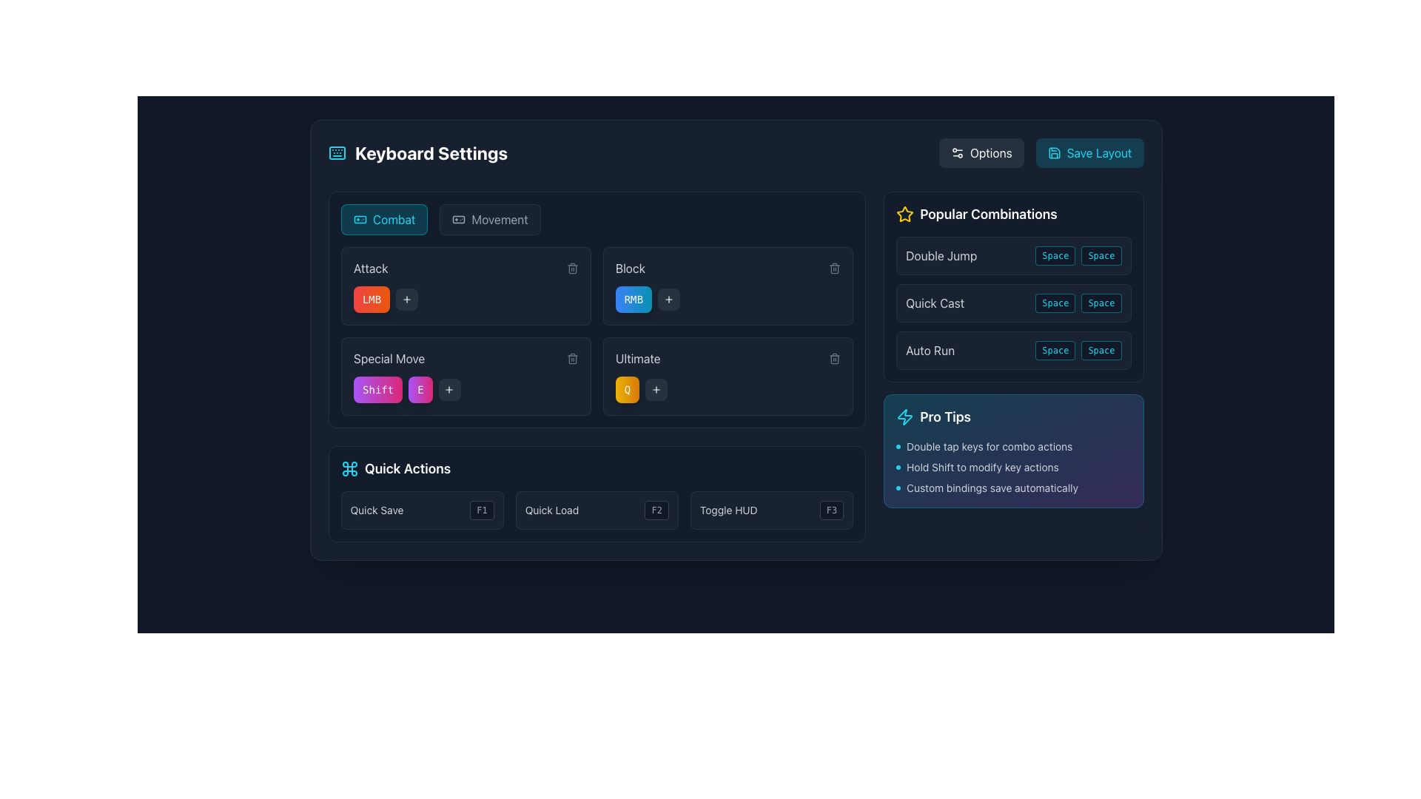 This screenshot has height=799, width=1421. Describe the element at coordinates (630, 268) in the screenshot. I see `the text label that describes the associated input for the 'Combat' section in 'Keyboard Settings', located to the right of the 'Attack' label` at that location.